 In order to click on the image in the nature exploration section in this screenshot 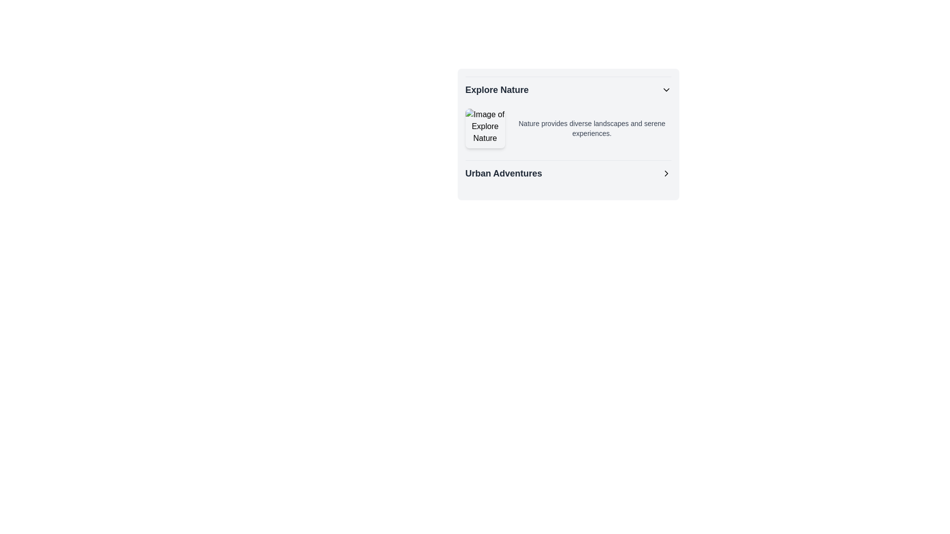, I will do `click(568, 115)`.